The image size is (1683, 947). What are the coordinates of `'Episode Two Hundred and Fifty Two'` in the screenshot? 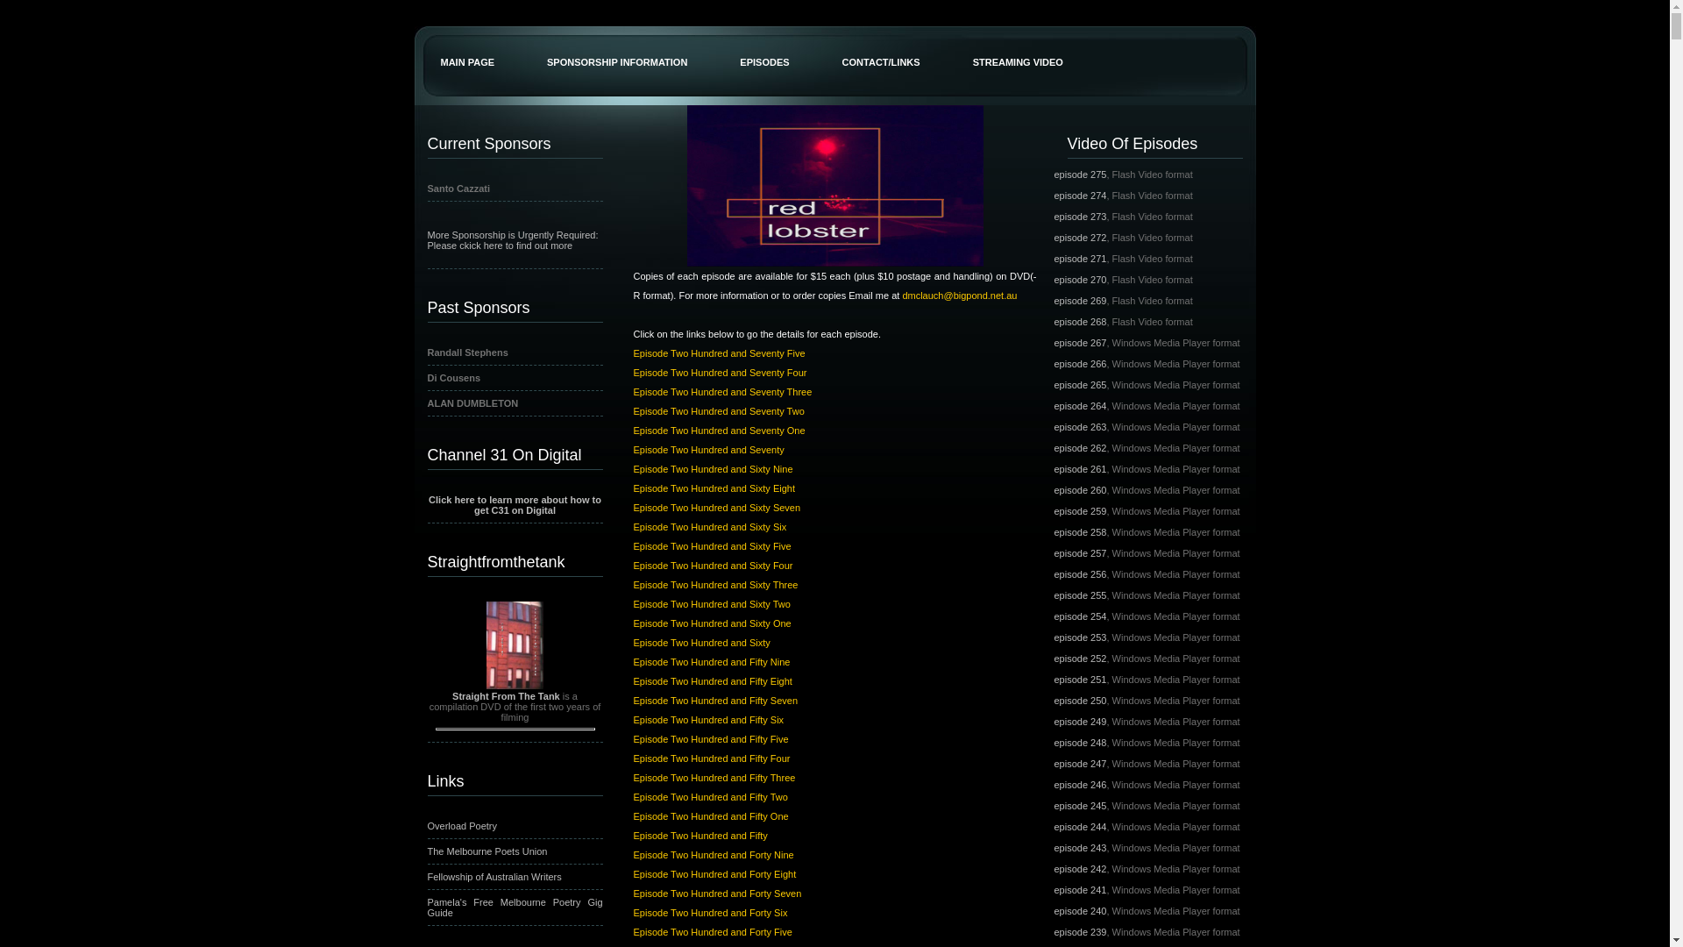 It's located at (710, 797).